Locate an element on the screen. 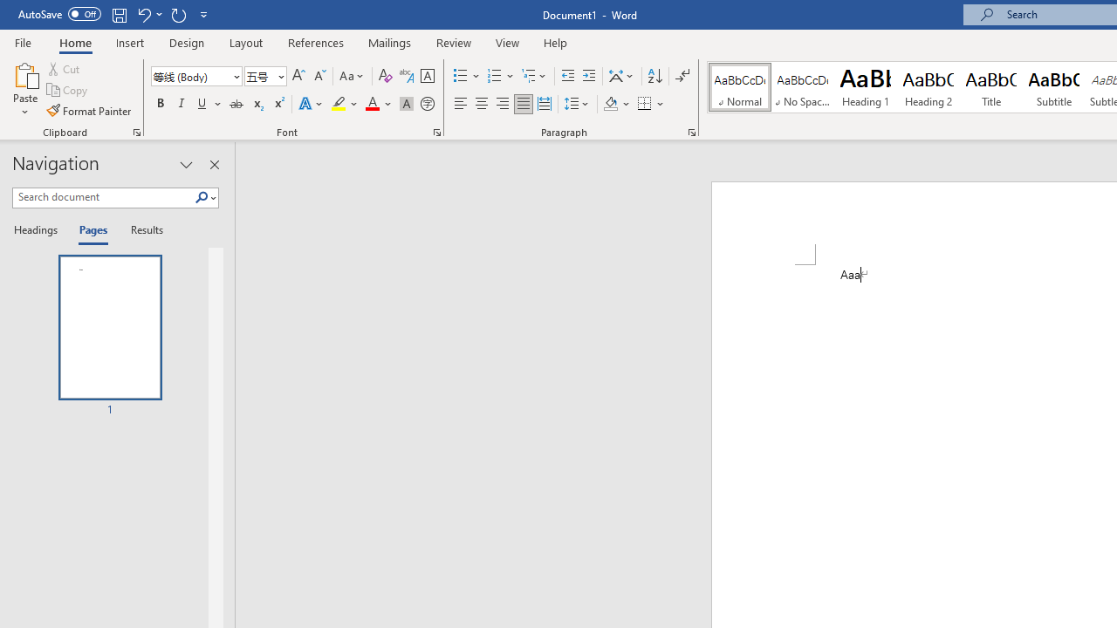  'Font' is located at coordinates (196, 75).